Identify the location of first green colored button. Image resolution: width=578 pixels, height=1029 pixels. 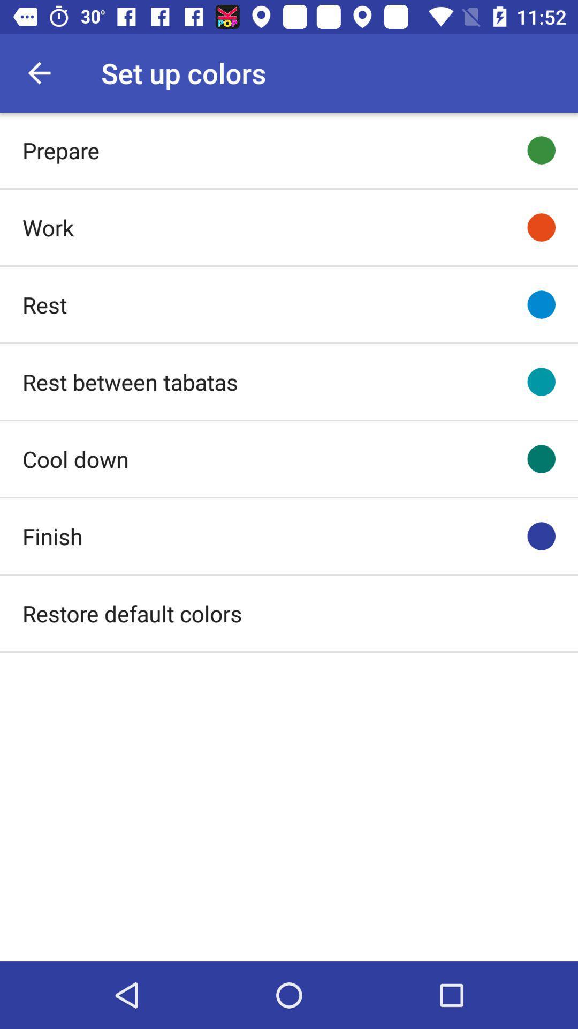
(541, 150).